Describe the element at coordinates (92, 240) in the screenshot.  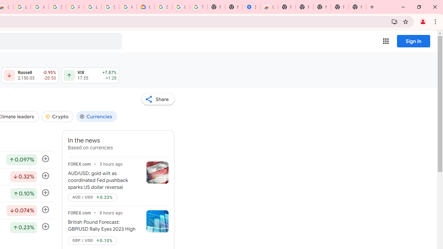
I see `'GBP / USD Up by 0.077%'` at that location.